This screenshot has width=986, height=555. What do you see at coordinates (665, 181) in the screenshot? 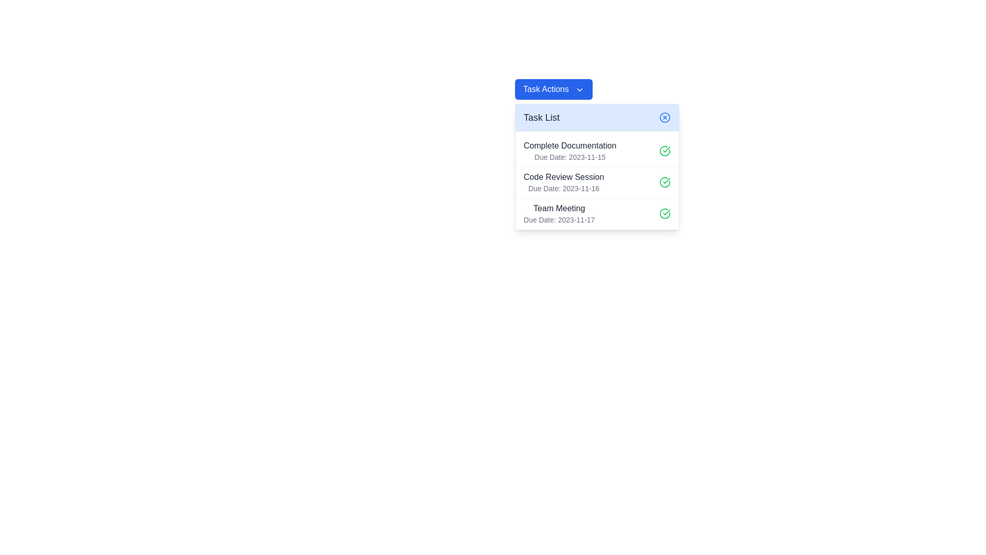
I see `the visual indicator icon for marking the 'Code Review Session' as confirmed, which is located to the right of the text 'Code Review Session' and 'Due Date: 2023-11-16' in the second row of the task list` at bounding box center [665, 181].